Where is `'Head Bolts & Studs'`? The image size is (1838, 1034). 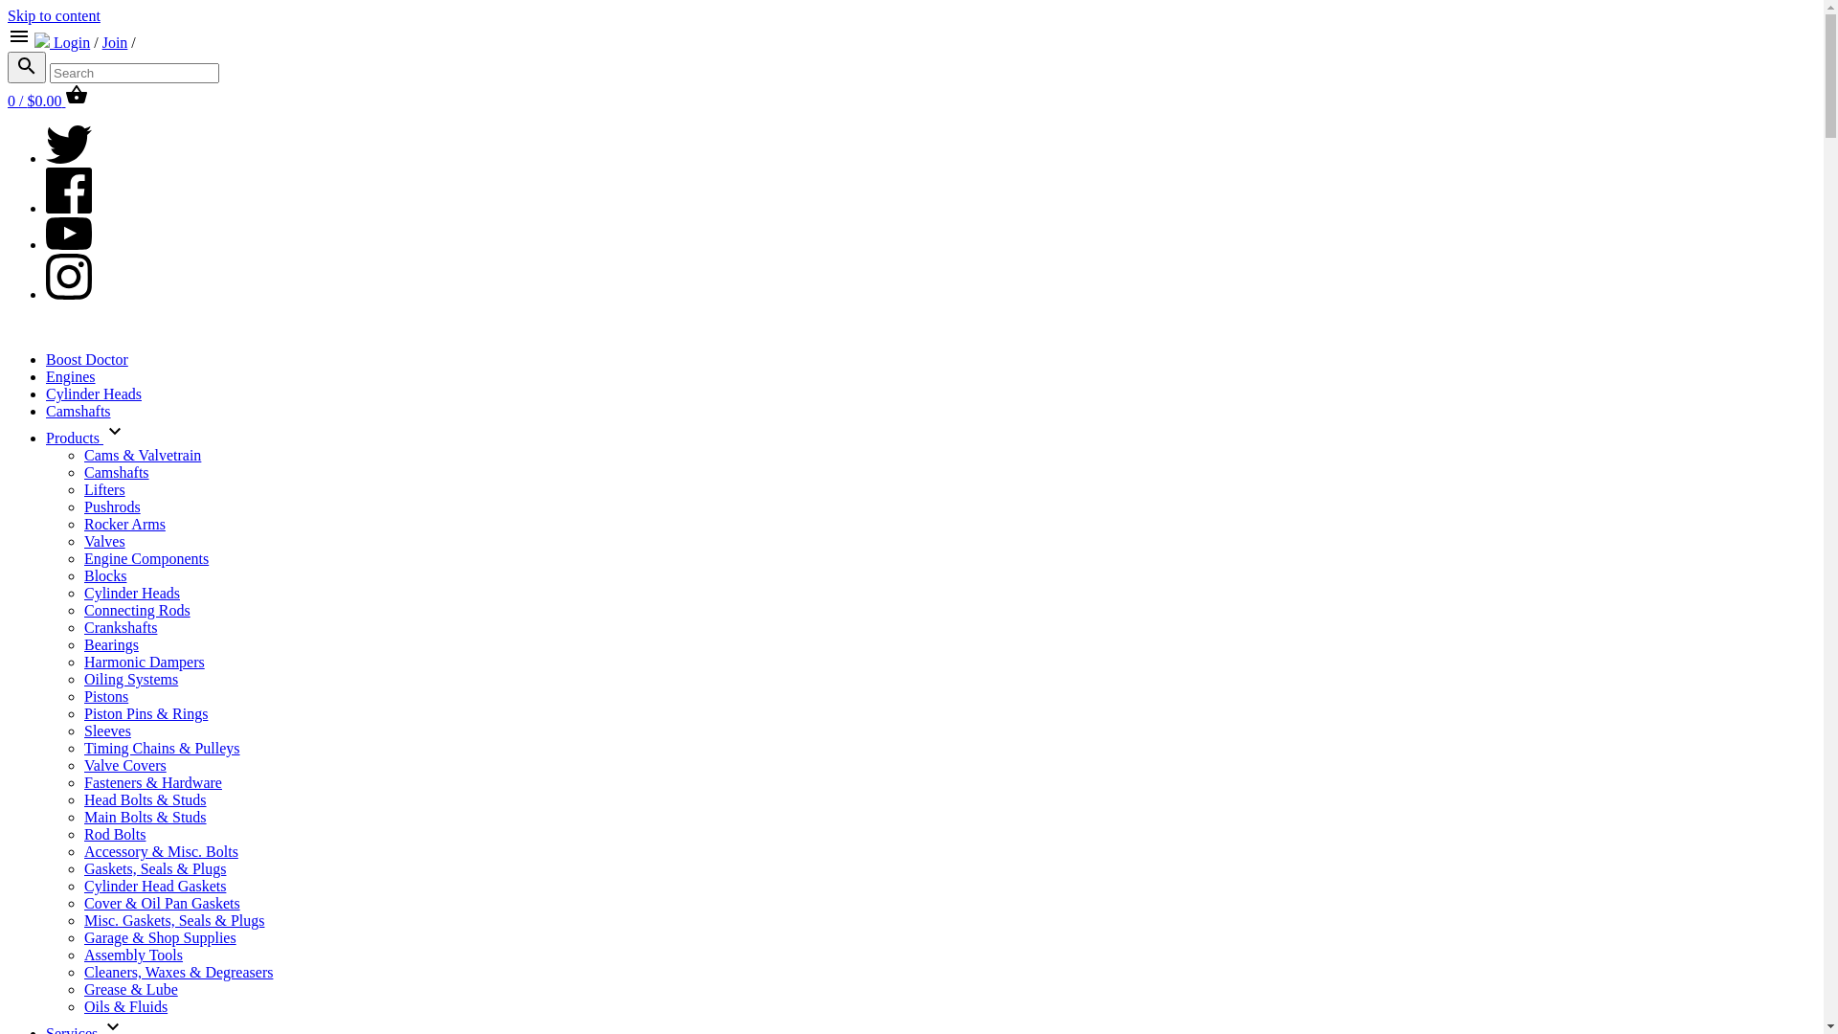
'Head Bolts & Studs' is located at coordinates (145, 799).